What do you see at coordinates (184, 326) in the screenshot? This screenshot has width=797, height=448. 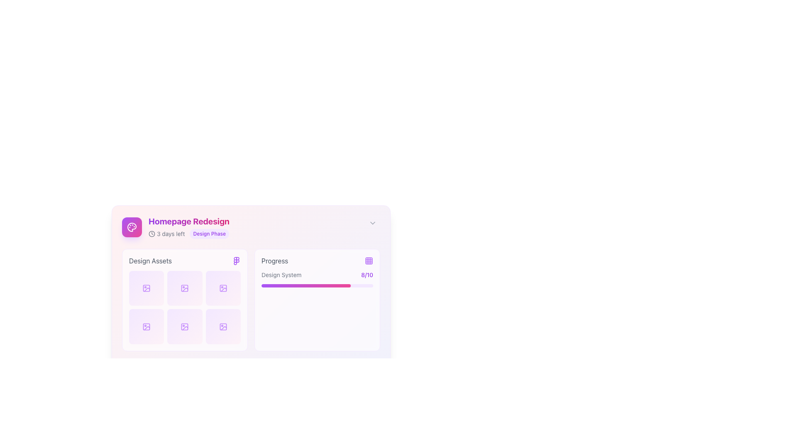 I see `the purple icon within the lower-middle square of the 'Design Assets' grid` at bounding box center [184, 326].